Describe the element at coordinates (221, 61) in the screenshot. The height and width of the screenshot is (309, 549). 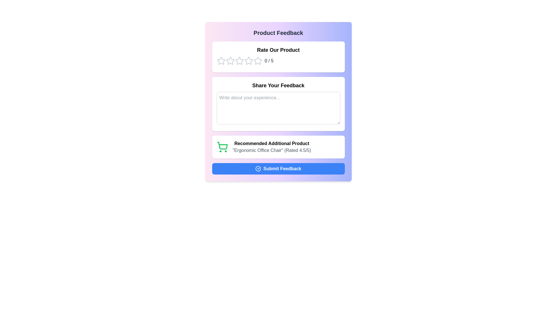
I see `the first interactive rating star icon in the 'Rate Our Product' section` at that location.